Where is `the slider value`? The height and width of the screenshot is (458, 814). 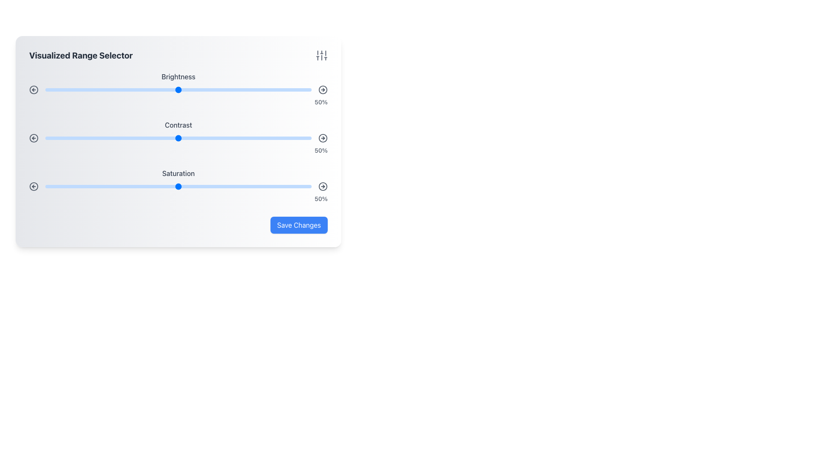
the slider value is located at coordinates (136, 138).